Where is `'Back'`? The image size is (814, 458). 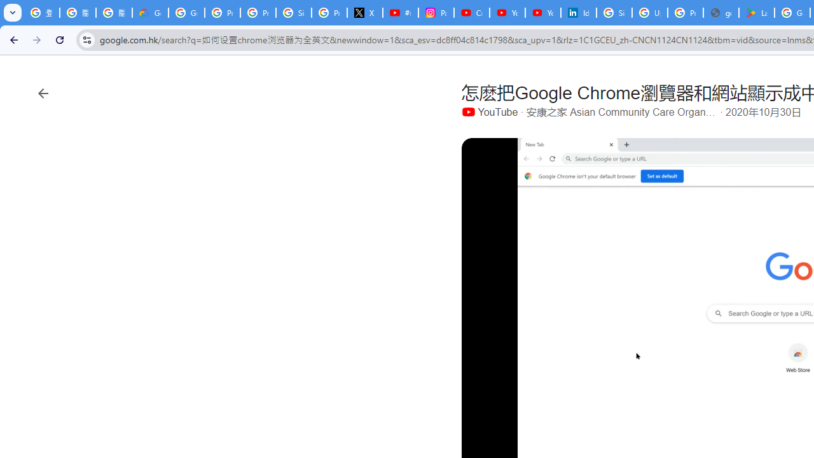 'Back' is located at coordinates (12, 39).